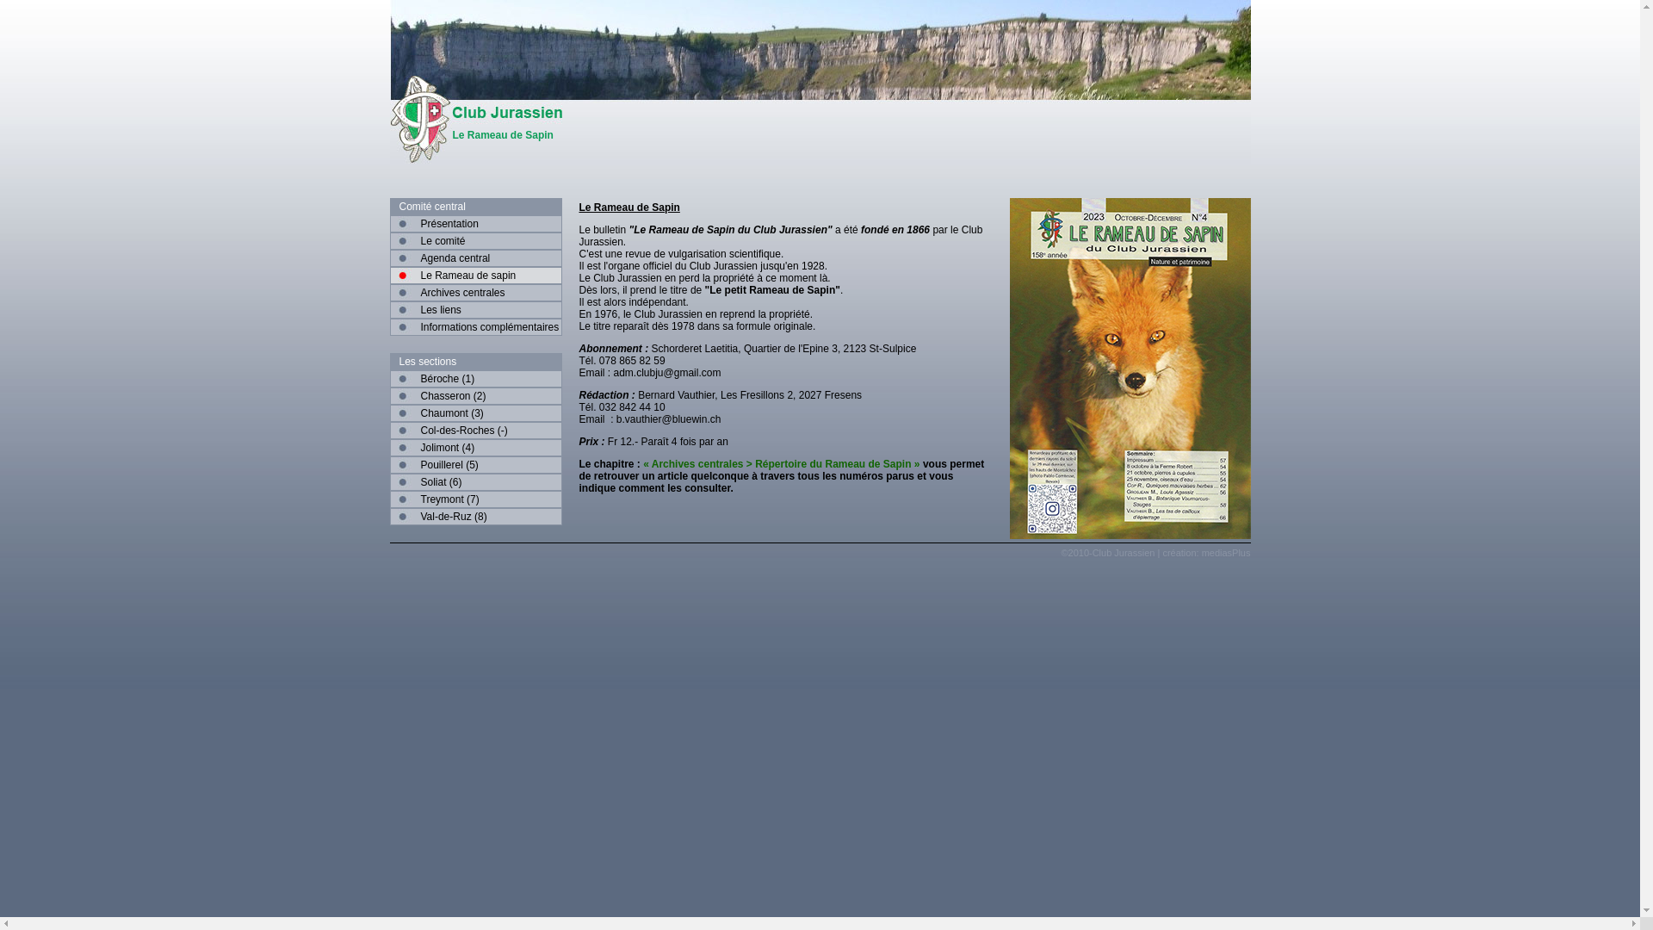 This screenshot has width=1653, height=930. Describe the element at coordinates (475, 516) in the screenshot. I see `'Val-de-Ruz (8)'` at that location.